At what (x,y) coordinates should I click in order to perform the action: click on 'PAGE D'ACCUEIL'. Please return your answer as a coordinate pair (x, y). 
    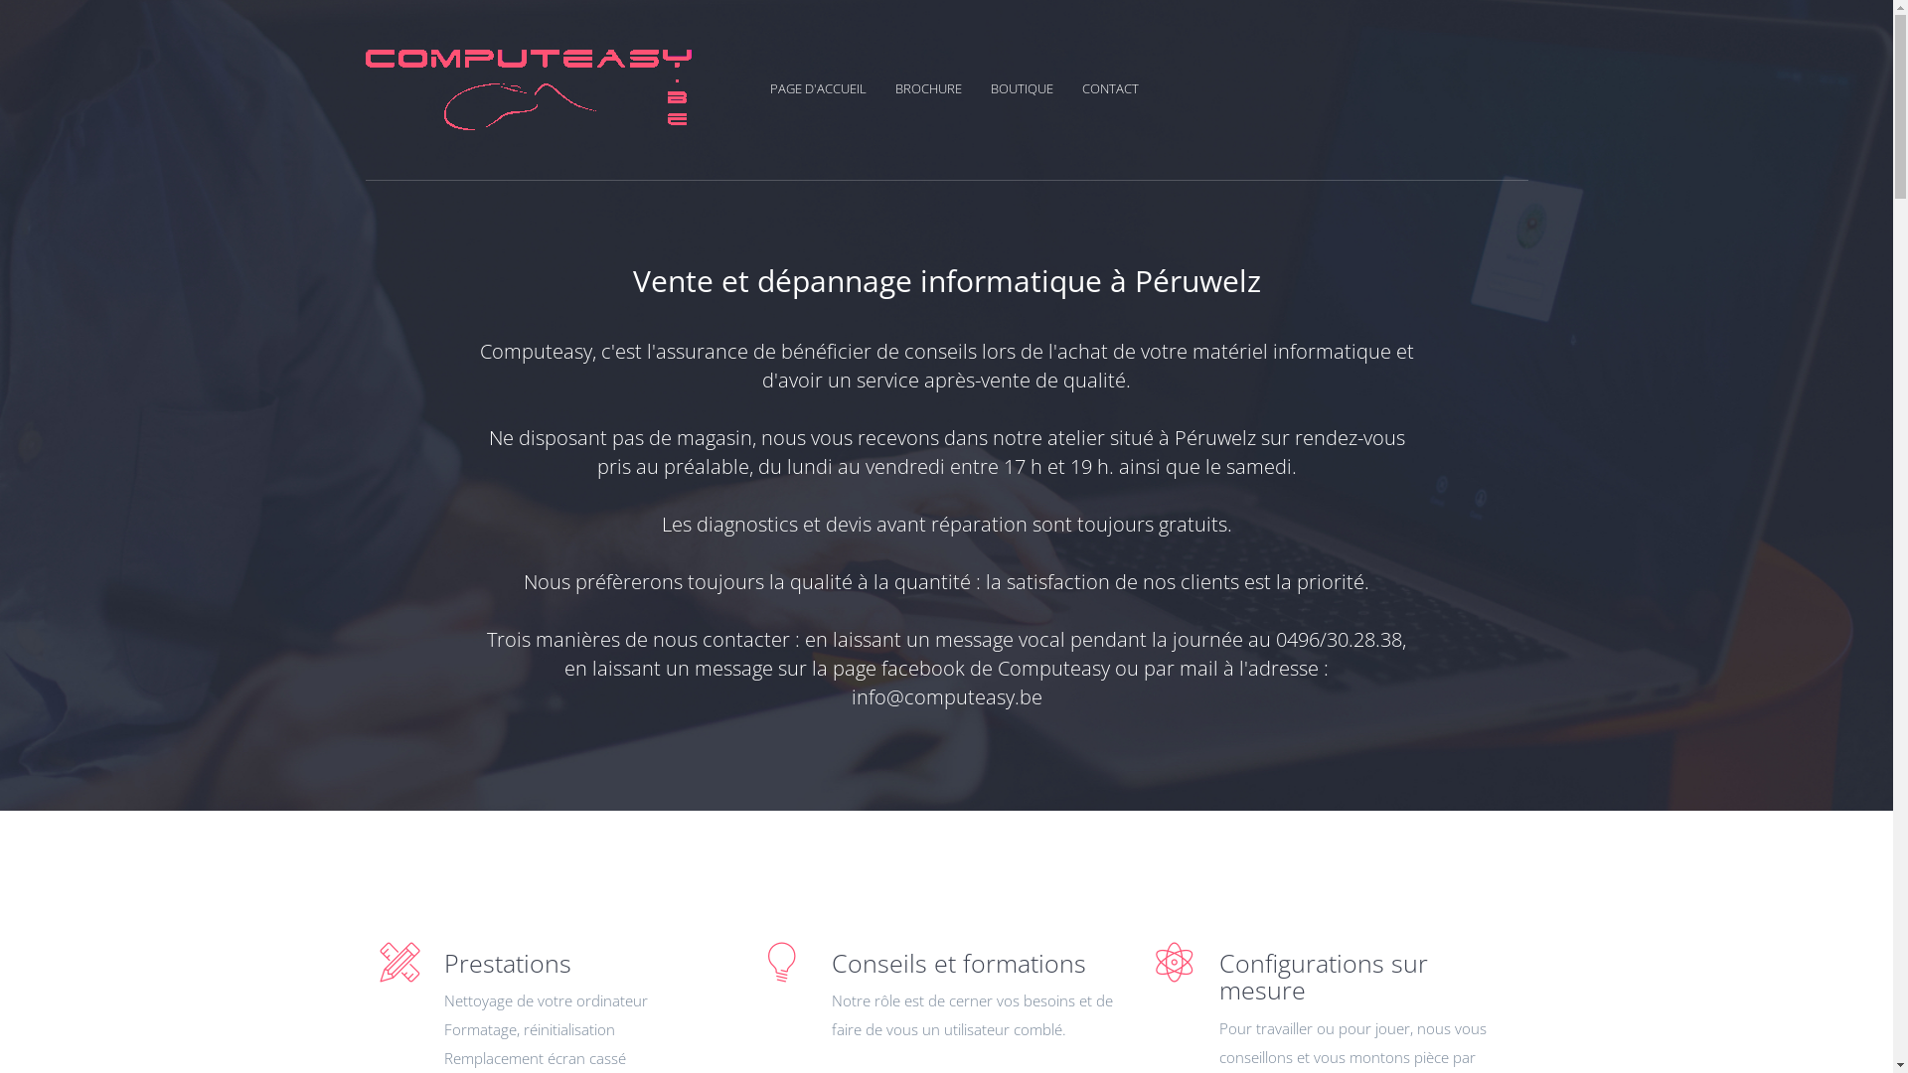
    Looking at the image, I should click on (830, 86).